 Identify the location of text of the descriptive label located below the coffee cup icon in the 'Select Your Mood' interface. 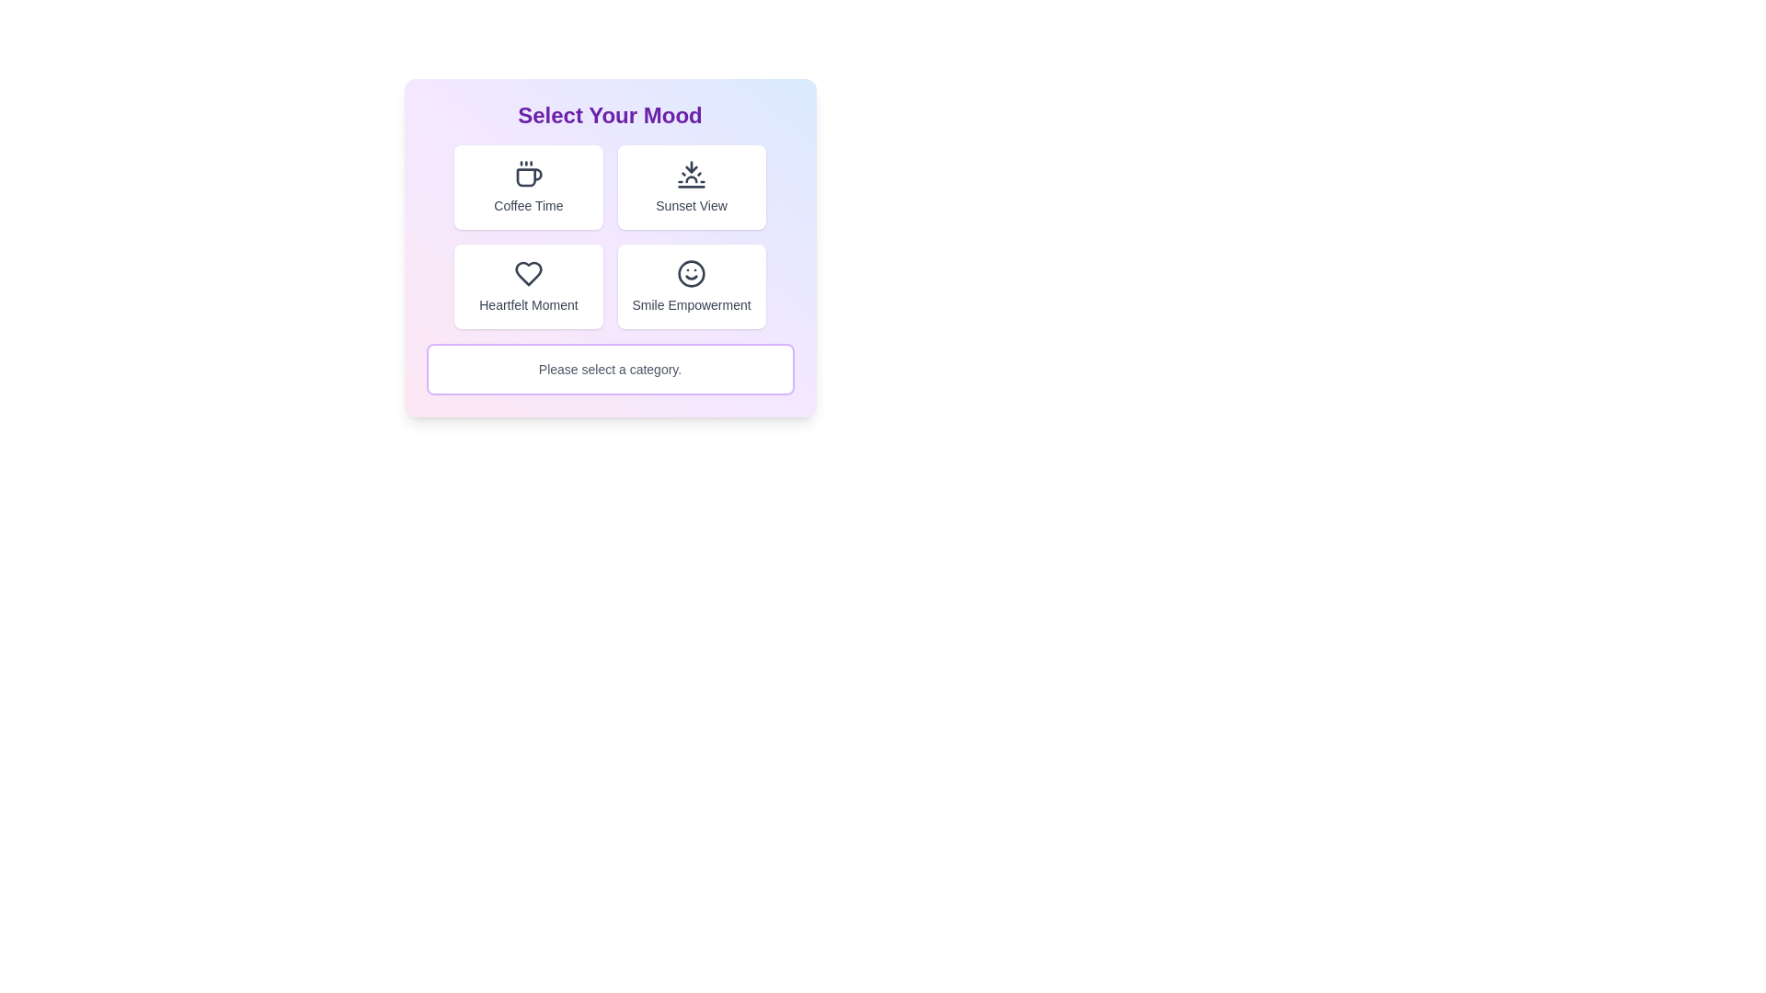
(527, 205).